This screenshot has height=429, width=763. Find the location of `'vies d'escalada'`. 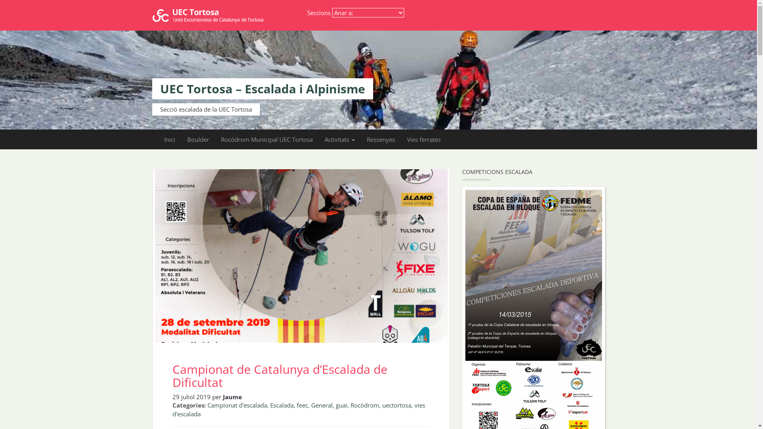

'vies d'escalada' is located at coordinates (298, 409).